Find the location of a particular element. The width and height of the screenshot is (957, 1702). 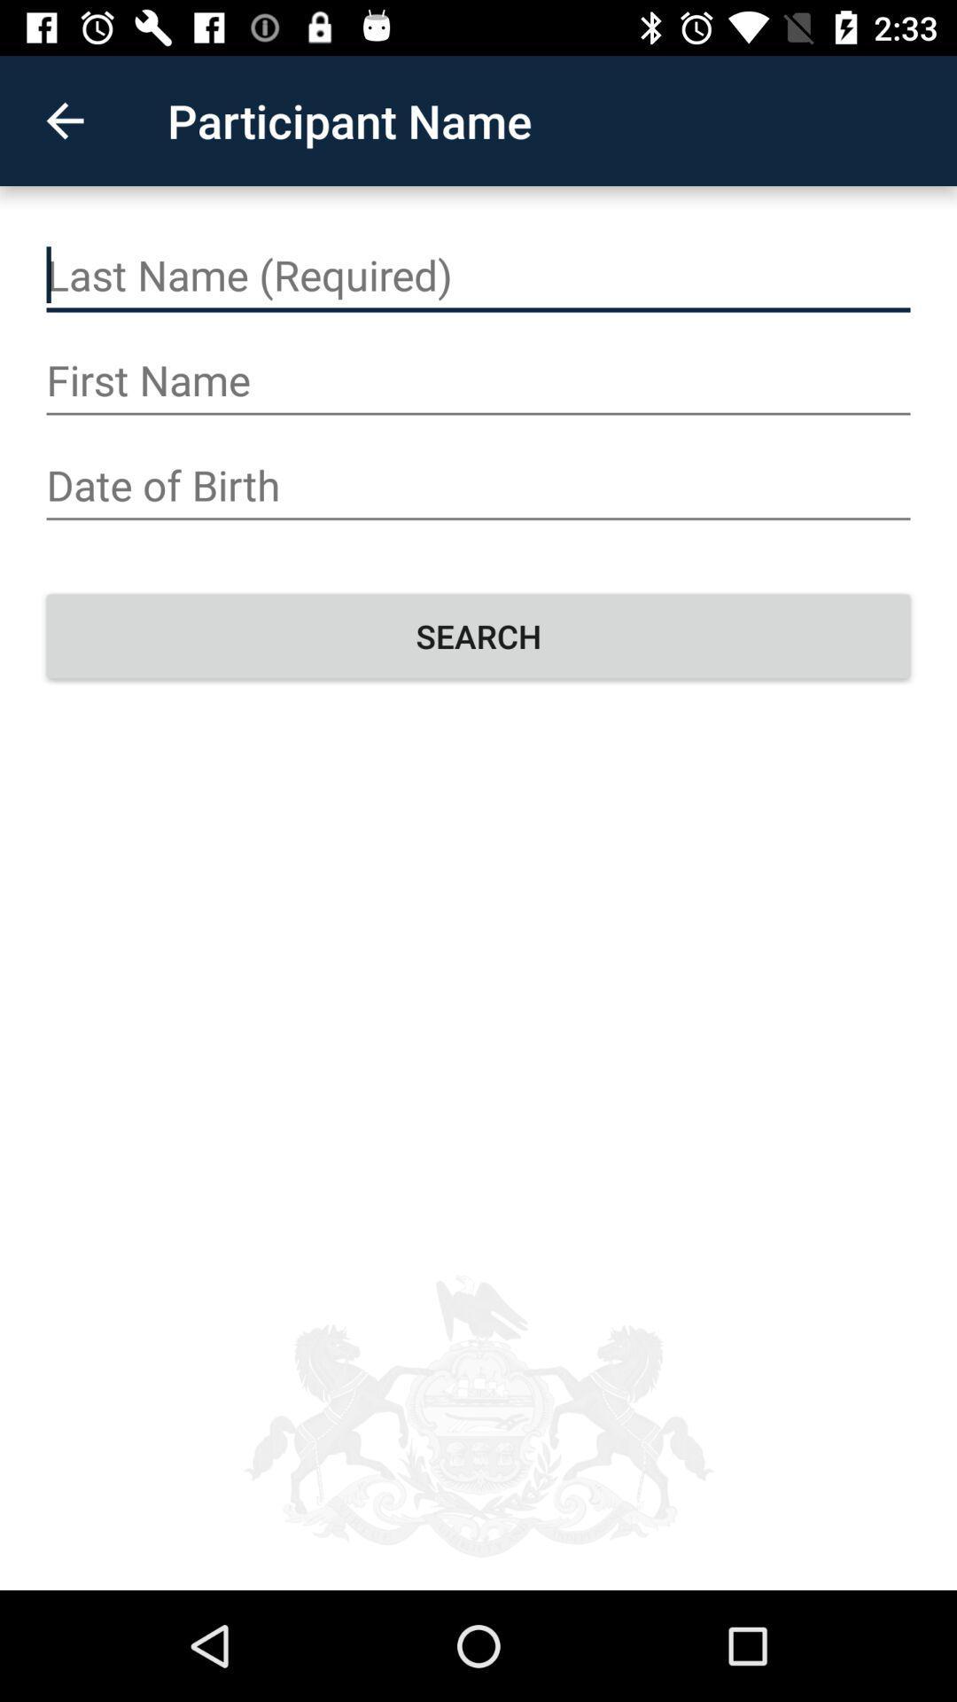

last name is located at coordinates (478, 275).